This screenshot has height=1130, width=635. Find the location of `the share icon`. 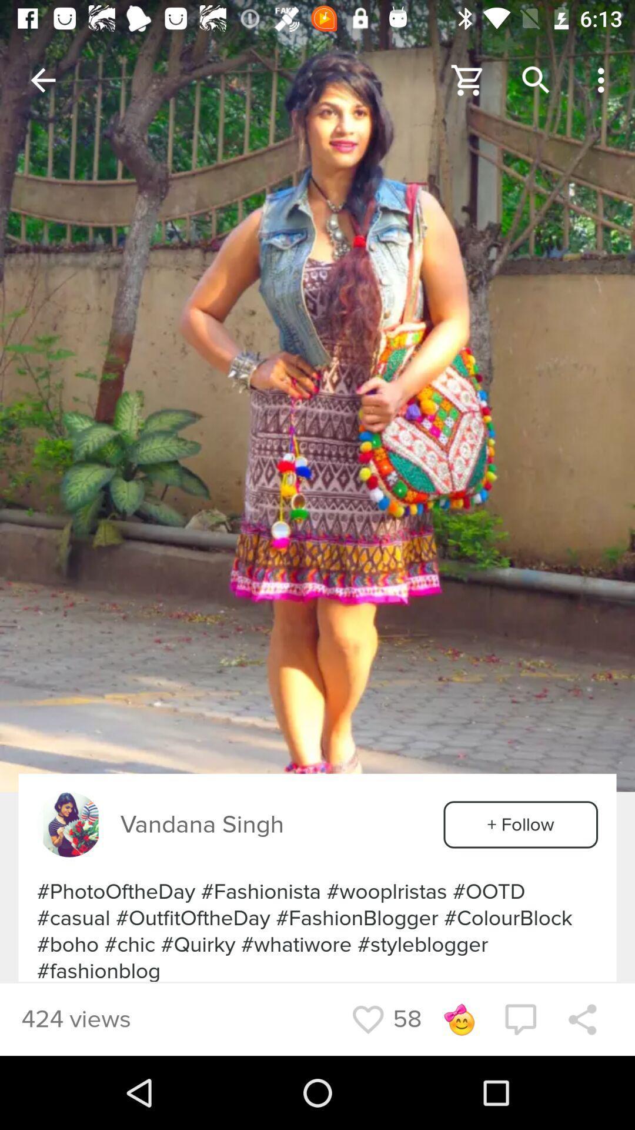

the share icon is located at coordinates (582, 1019).